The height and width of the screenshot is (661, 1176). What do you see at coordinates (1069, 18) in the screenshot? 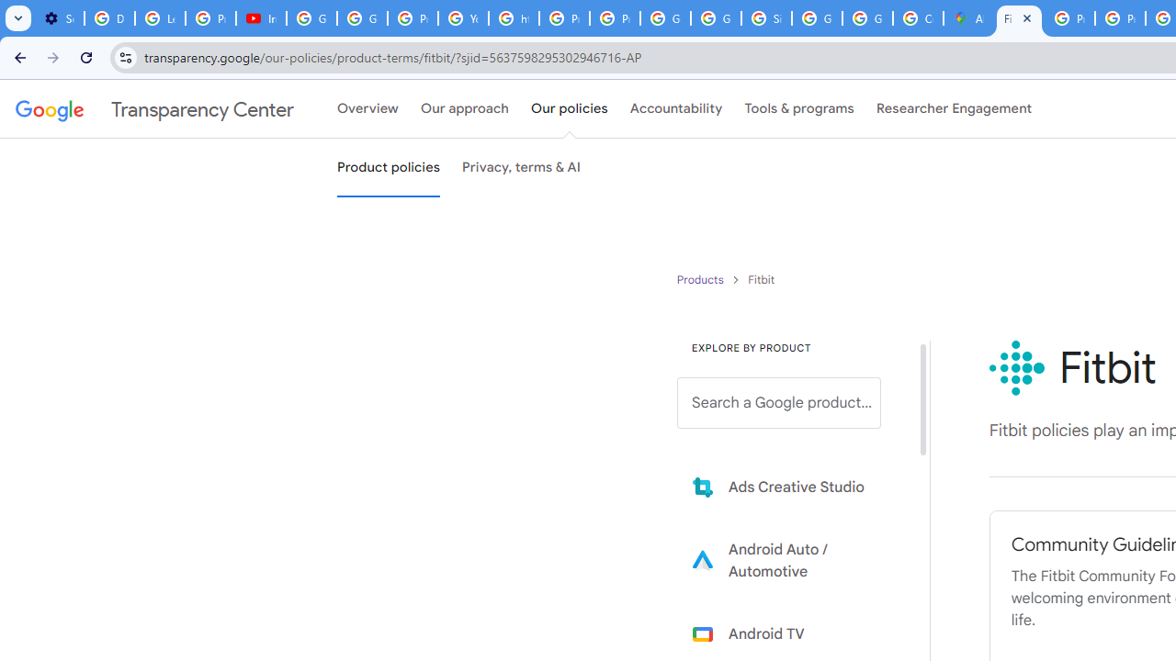
I see `'Privacy Help Center - Policies Help'` at bounding box center [1069, 18].